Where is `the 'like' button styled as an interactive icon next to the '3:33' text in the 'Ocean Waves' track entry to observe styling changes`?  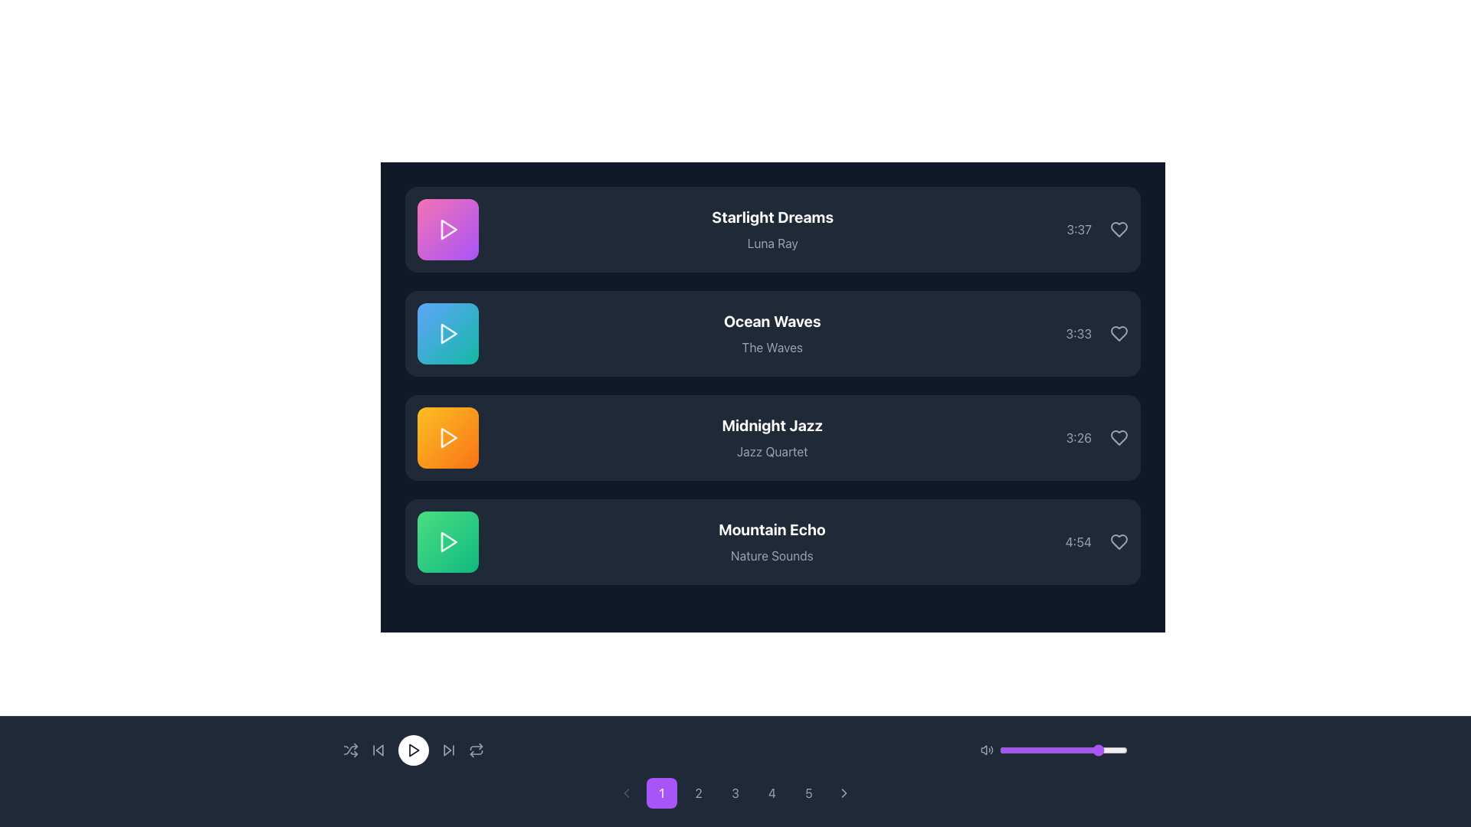 the 'like' button styled as an interactive icon next to the '3:33' text in the 'Ocean Waves' track entry to observe styling changes is located at coordinates (1119, 332).